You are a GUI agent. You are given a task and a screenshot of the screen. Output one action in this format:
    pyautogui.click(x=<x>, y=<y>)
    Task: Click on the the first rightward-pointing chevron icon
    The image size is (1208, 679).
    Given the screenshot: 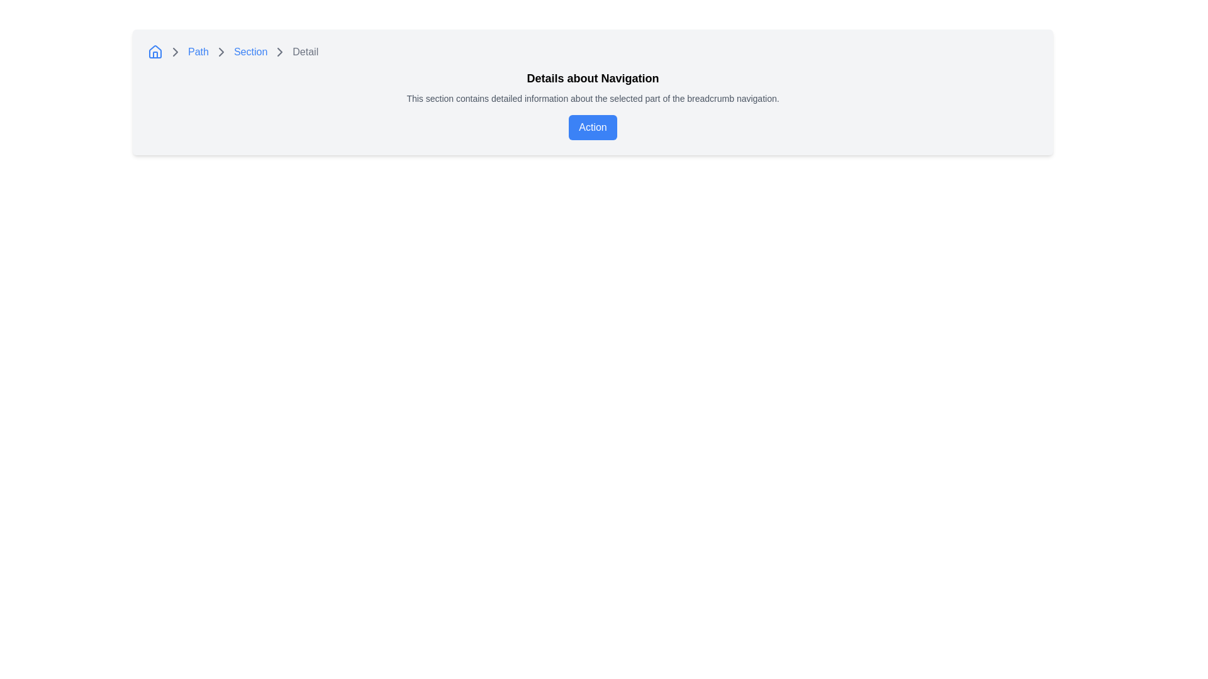 What is the action you would take?
    pyautogui.click(x=174, y=52)
    